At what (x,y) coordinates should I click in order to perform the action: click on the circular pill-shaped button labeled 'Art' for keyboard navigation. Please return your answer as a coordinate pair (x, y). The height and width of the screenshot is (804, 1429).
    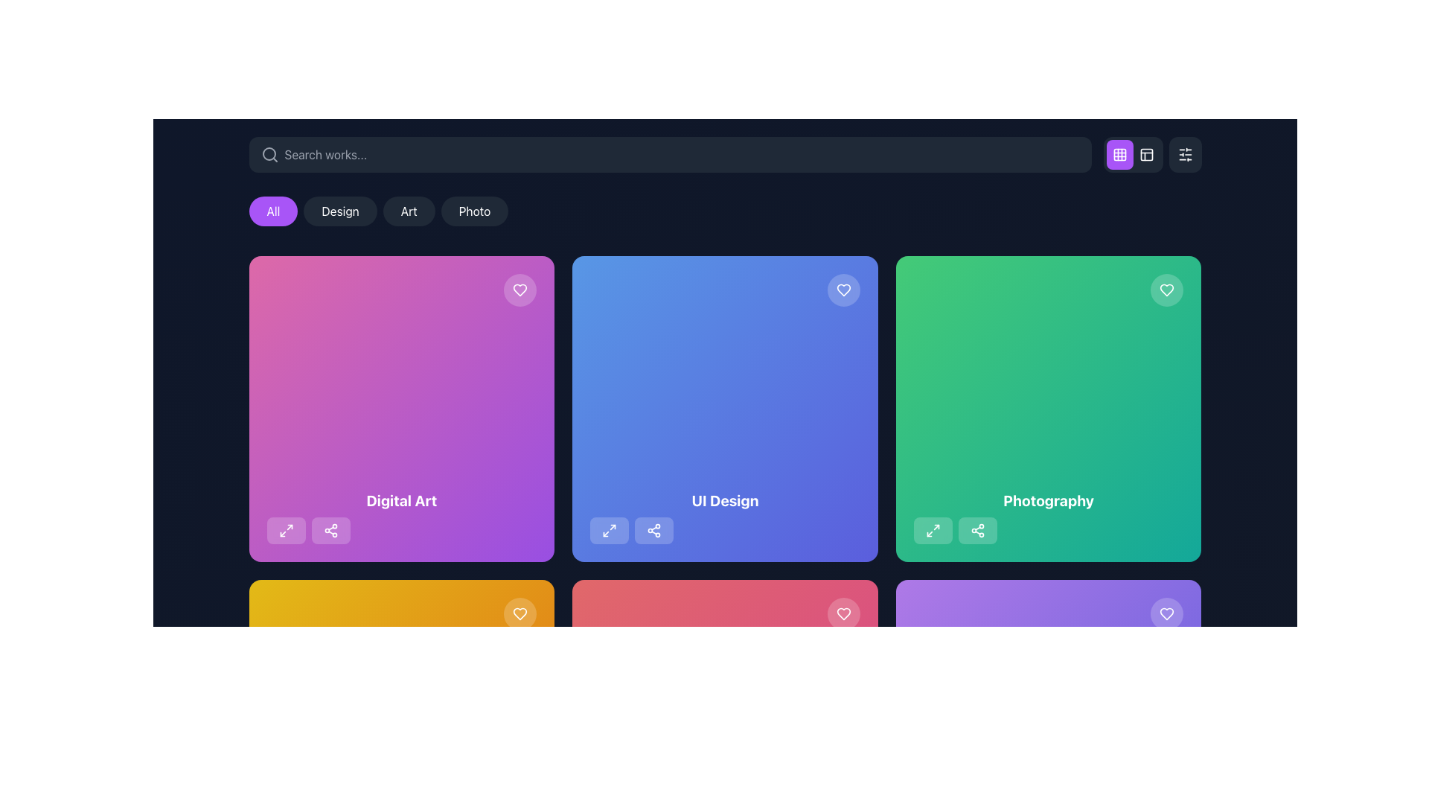
    Looking at the image, I should click on (409, 211).